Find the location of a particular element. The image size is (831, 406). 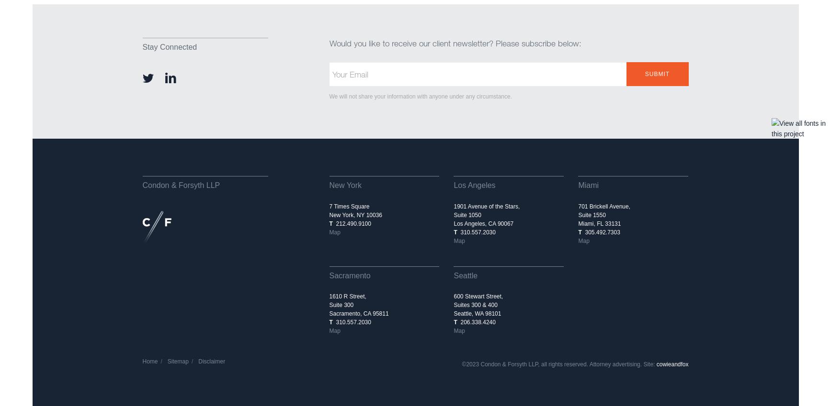

'Disclaimer' is located at coordinates (212, 361).